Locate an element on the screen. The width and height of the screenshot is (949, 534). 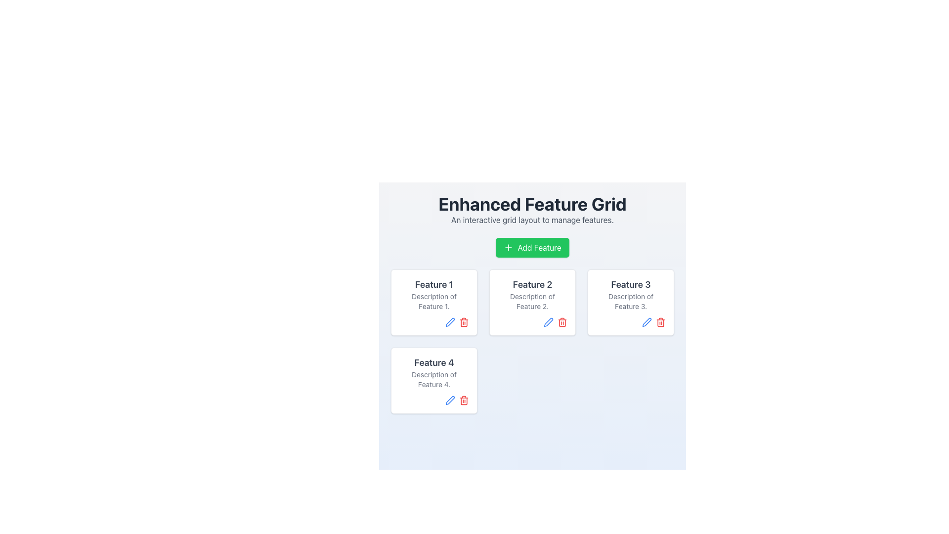
the red trash bin icon located in the bottom-right corner of the 'Feature 3' card is located at coordinates (661, 322).